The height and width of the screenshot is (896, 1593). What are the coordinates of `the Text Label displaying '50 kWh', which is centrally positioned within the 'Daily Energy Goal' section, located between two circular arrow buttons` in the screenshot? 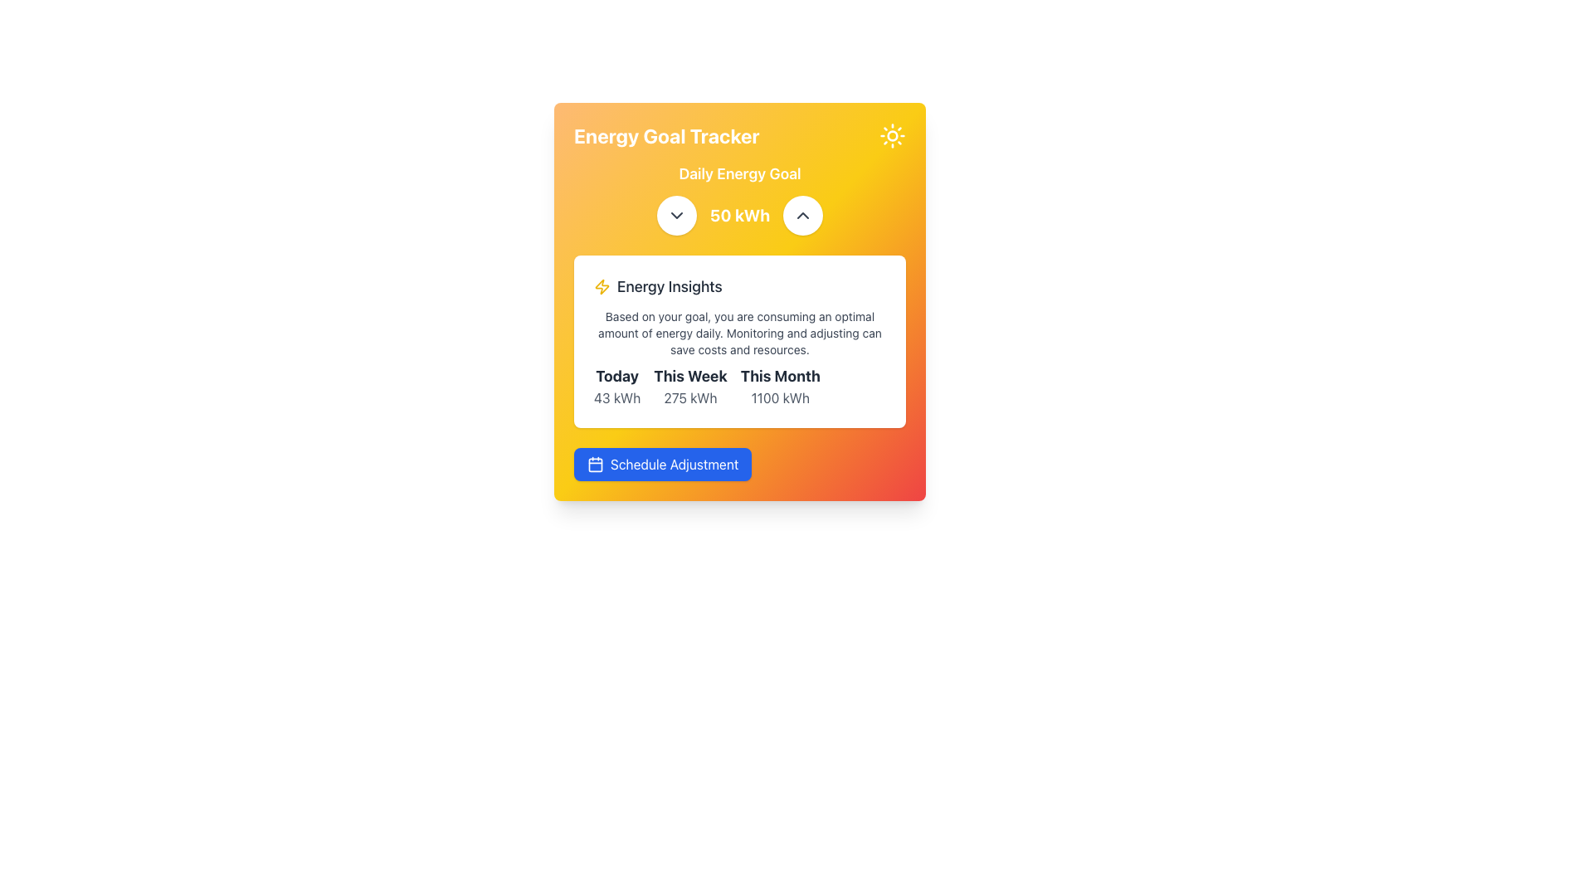 It's located at (739, 214).